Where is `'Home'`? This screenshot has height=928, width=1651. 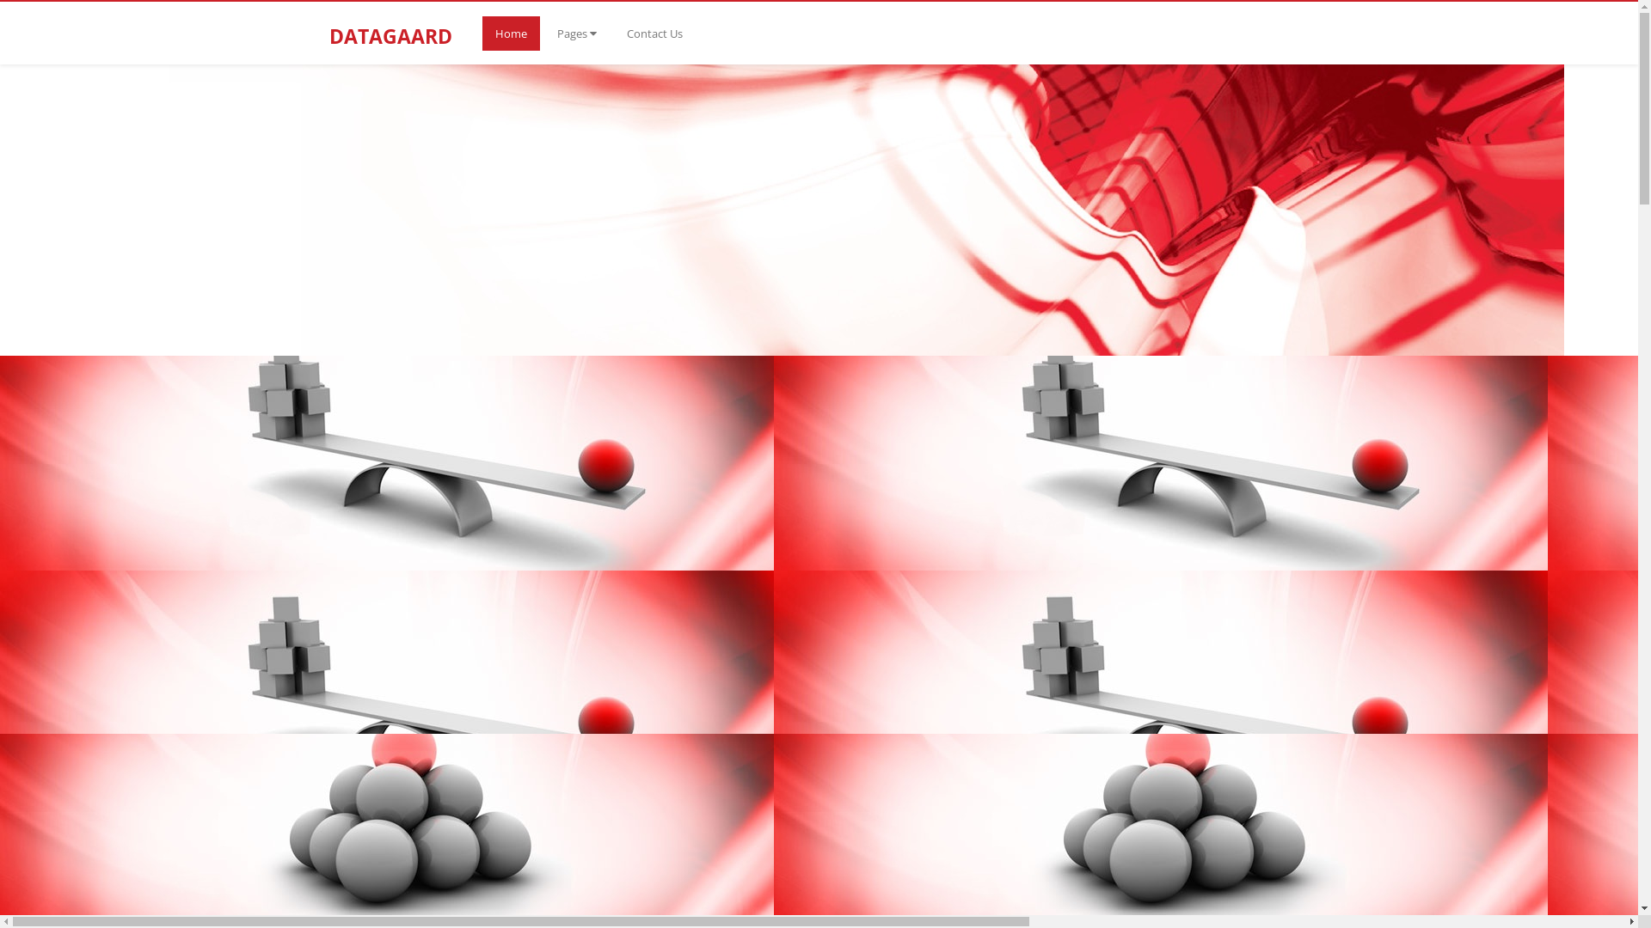 'Home' is located at coordinates (509, 33).